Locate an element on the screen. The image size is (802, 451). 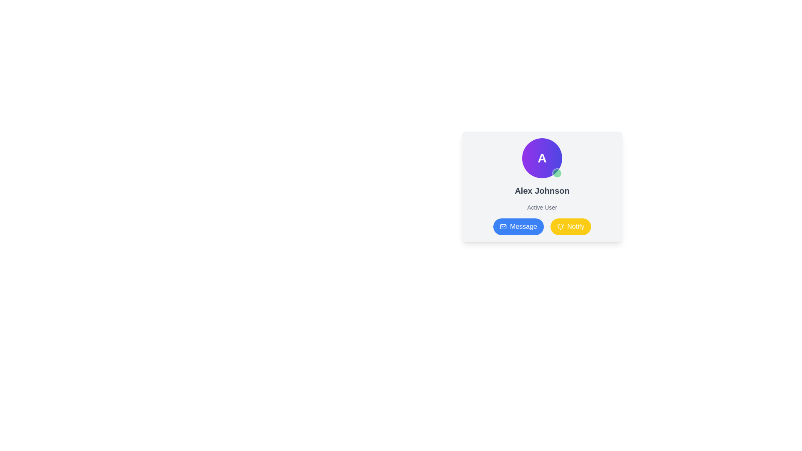
the text label displaying 'Active User' which is styled in muted gray and positioned below the name 'Alex Johnson' on the user profile card is located at coordinates (542, 207).